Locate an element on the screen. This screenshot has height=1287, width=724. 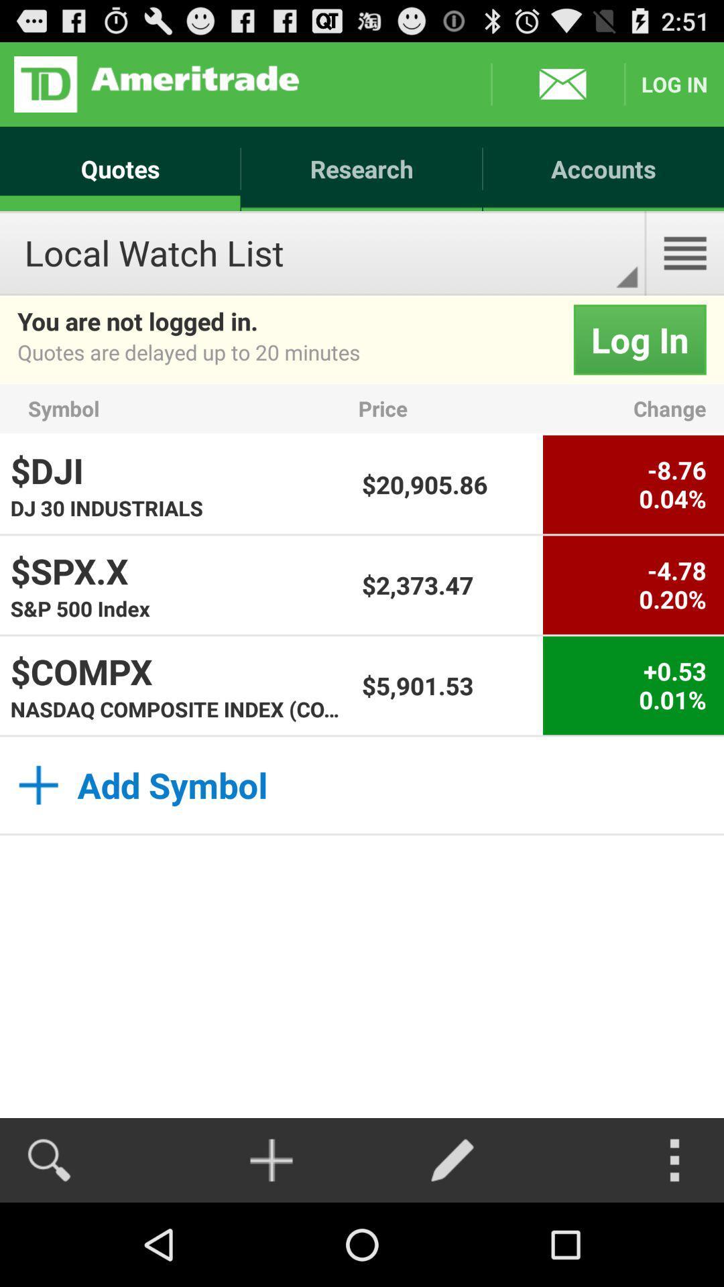
logo button is located at coordinates (156, 83).